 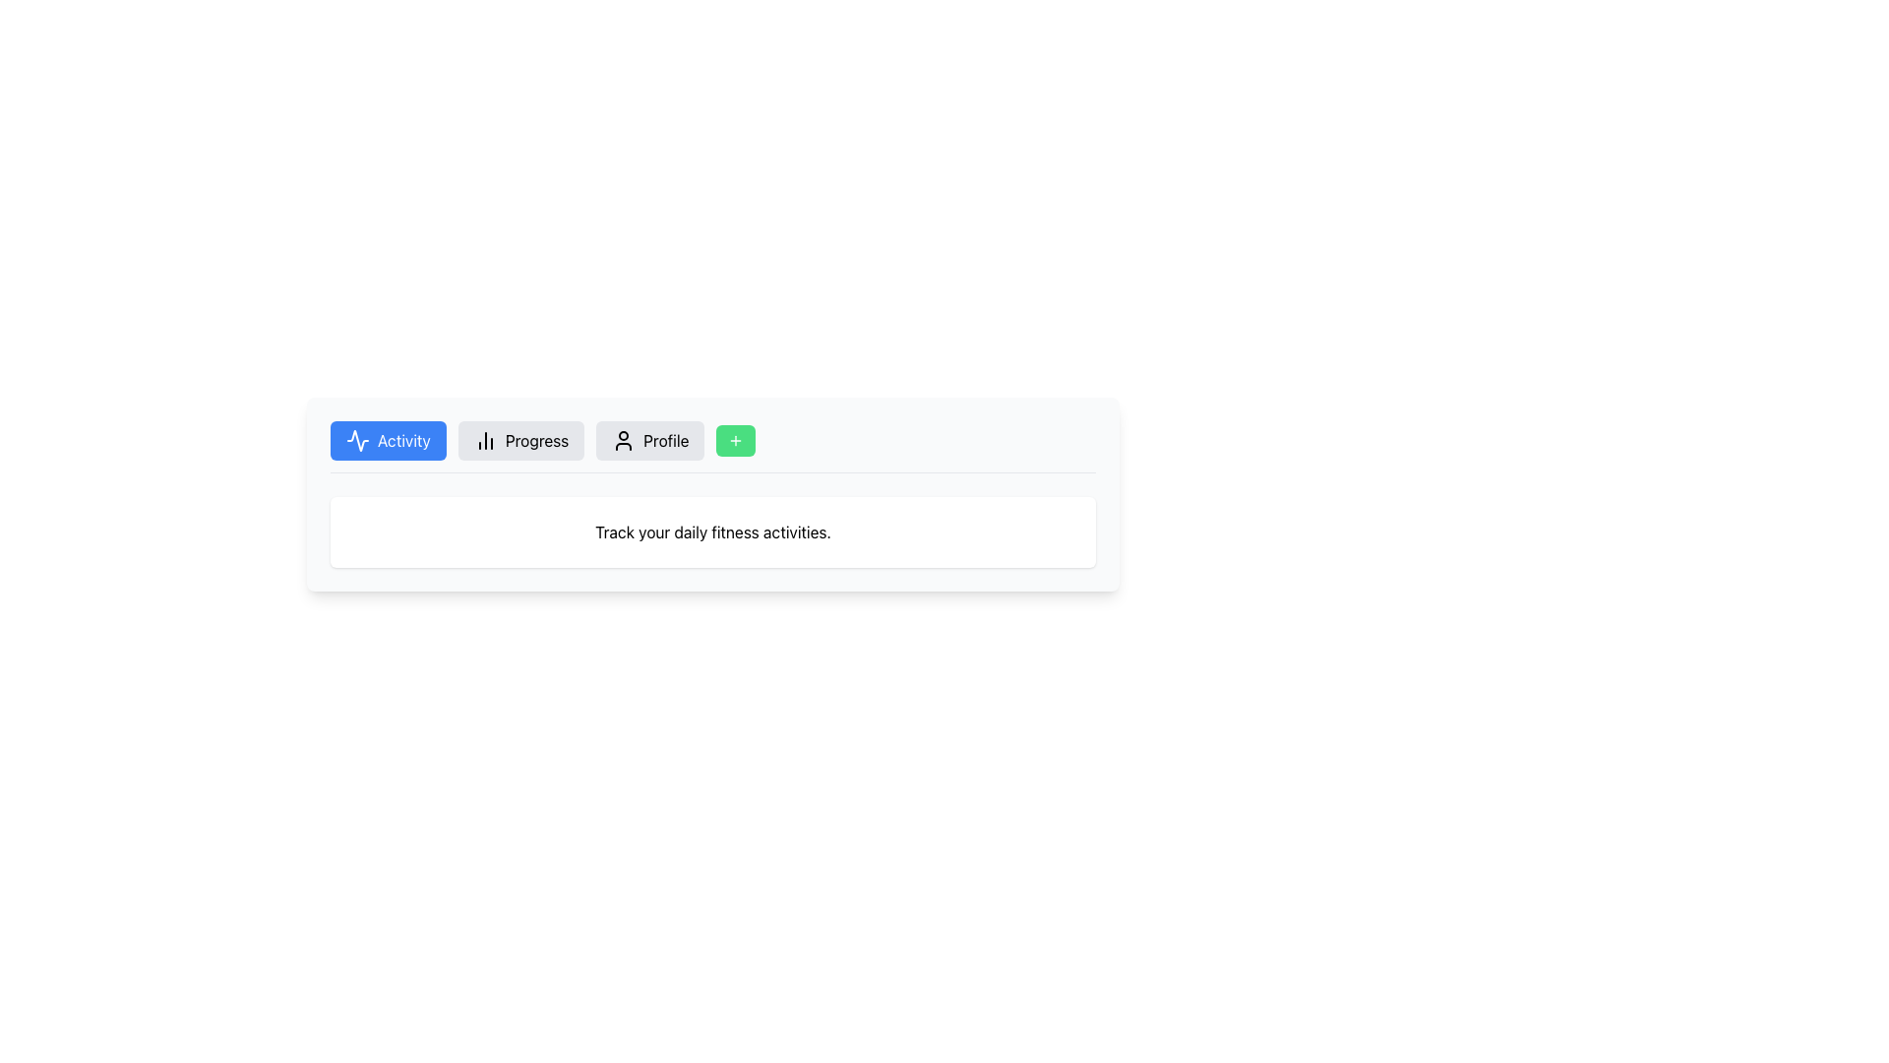 I want to click on the 'Progress' text label, so click(x=537, y=439).